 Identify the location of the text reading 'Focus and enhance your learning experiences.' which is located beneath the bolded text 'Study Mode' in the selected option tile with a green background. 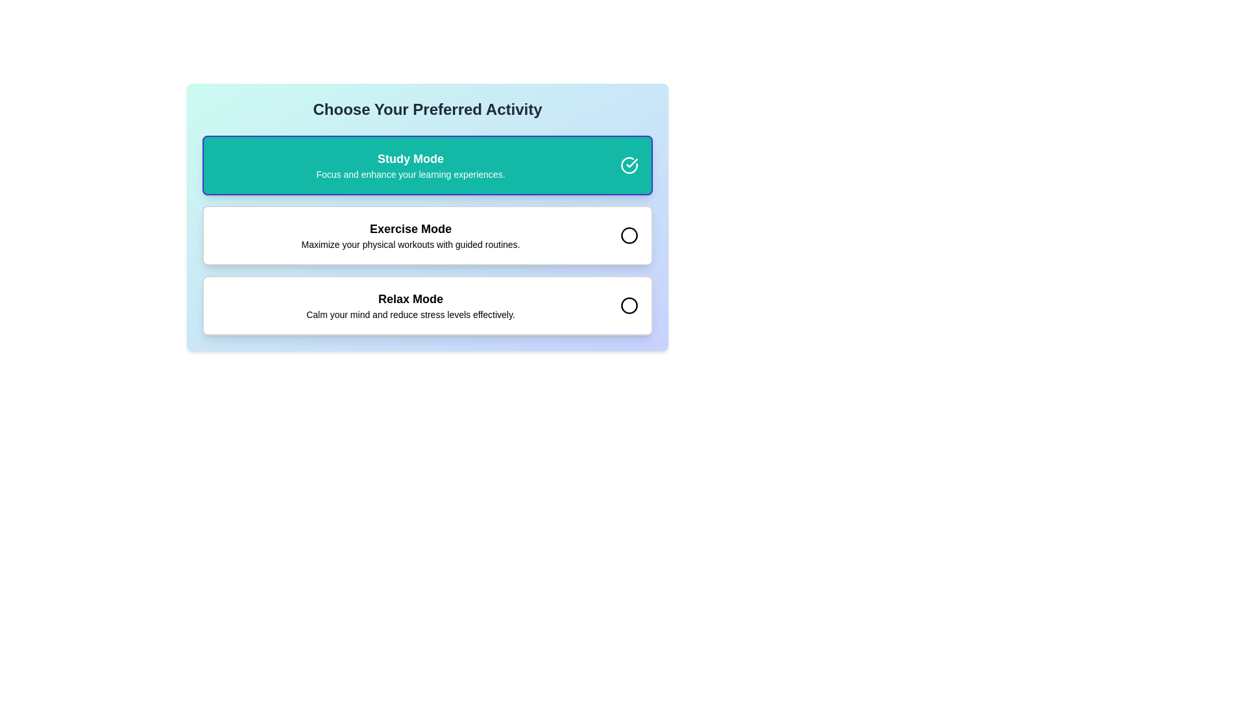
(410, 174).